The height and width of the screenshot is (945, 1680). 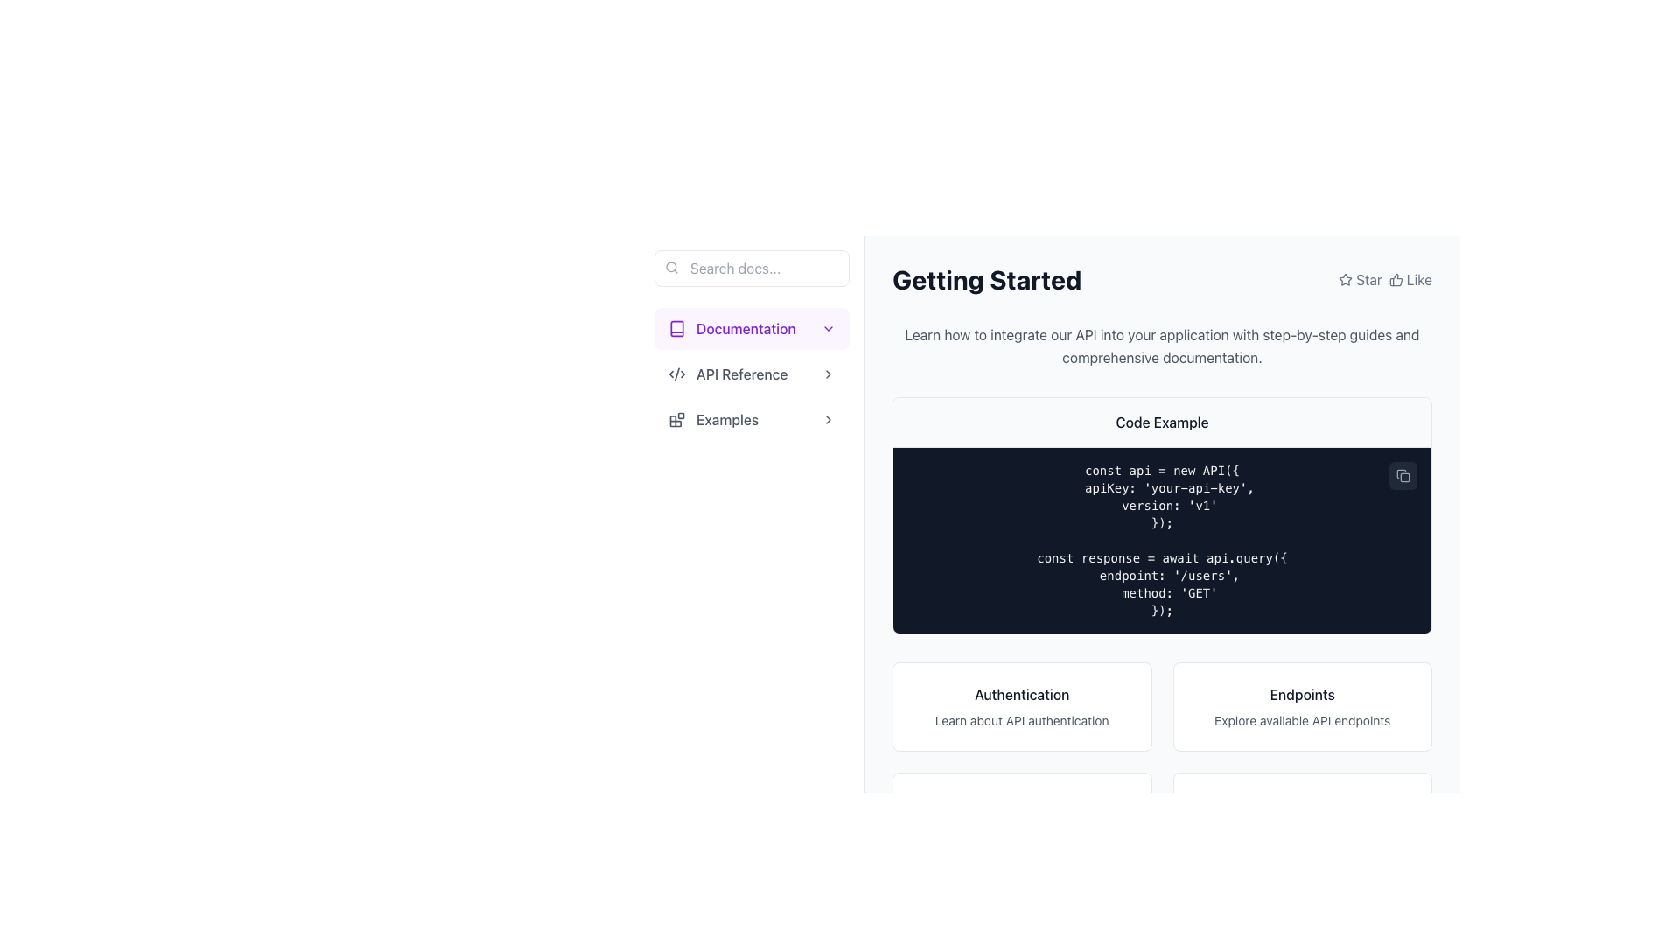 I want to click on the style of the book icon located next to the 'Documentation' label in the sidebar menu, so click(x=675, y=328).